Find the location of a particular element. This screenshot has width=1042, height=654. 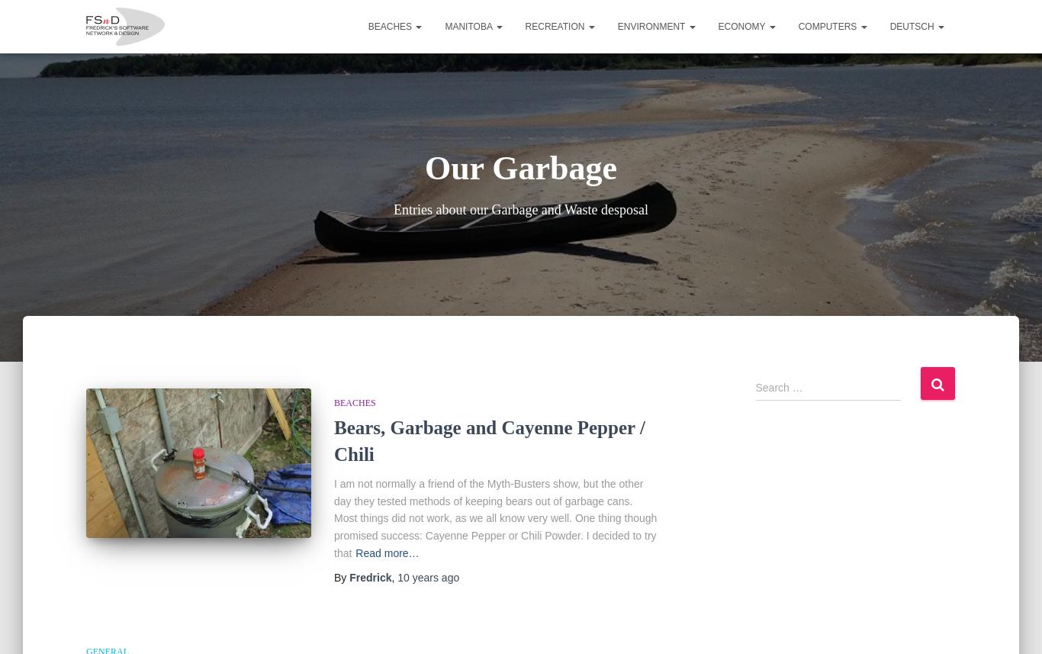

'ago' is located at coordinates (448, 576).